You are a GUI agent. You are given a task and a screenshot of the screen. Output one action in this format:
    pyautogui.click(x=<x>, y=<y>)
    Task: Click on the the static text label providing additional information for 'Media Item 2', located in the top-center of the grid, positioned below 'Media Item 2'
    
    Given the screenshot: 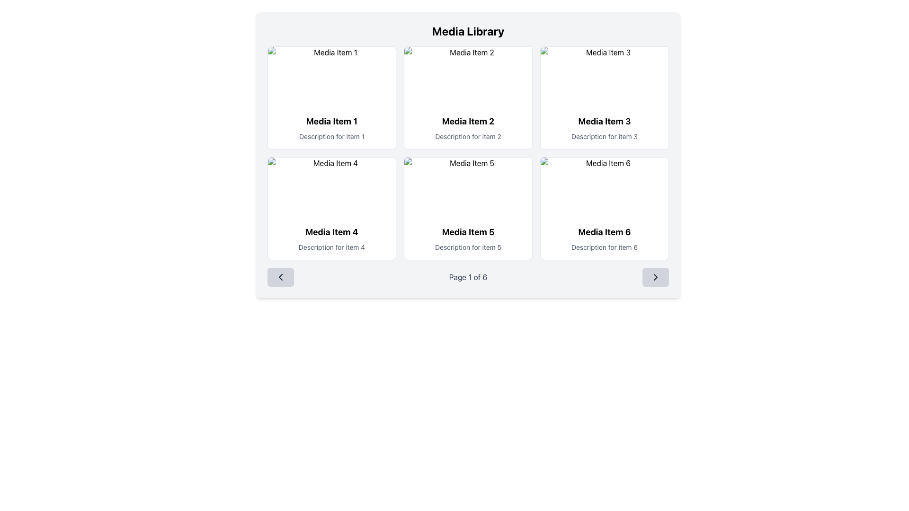 What is the action you would take?
    pyautogui.click(x=468, y=137)
    